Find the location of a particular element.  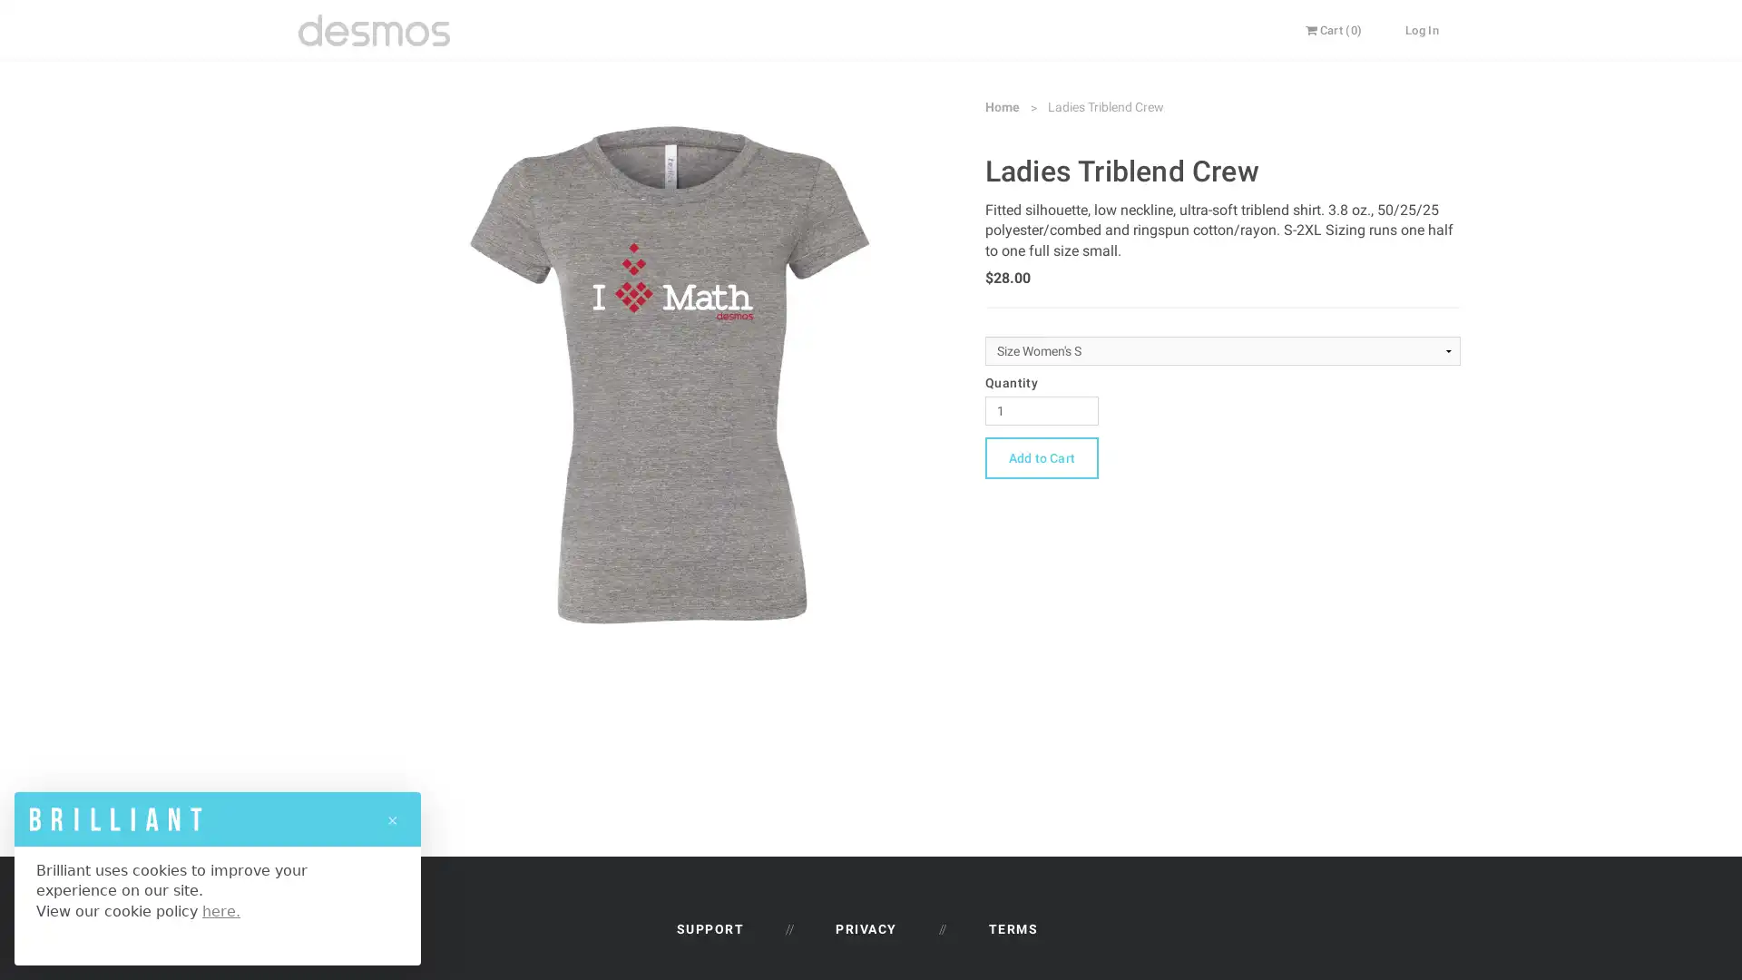

Add to Cart is located at coordinates (1041, 456).